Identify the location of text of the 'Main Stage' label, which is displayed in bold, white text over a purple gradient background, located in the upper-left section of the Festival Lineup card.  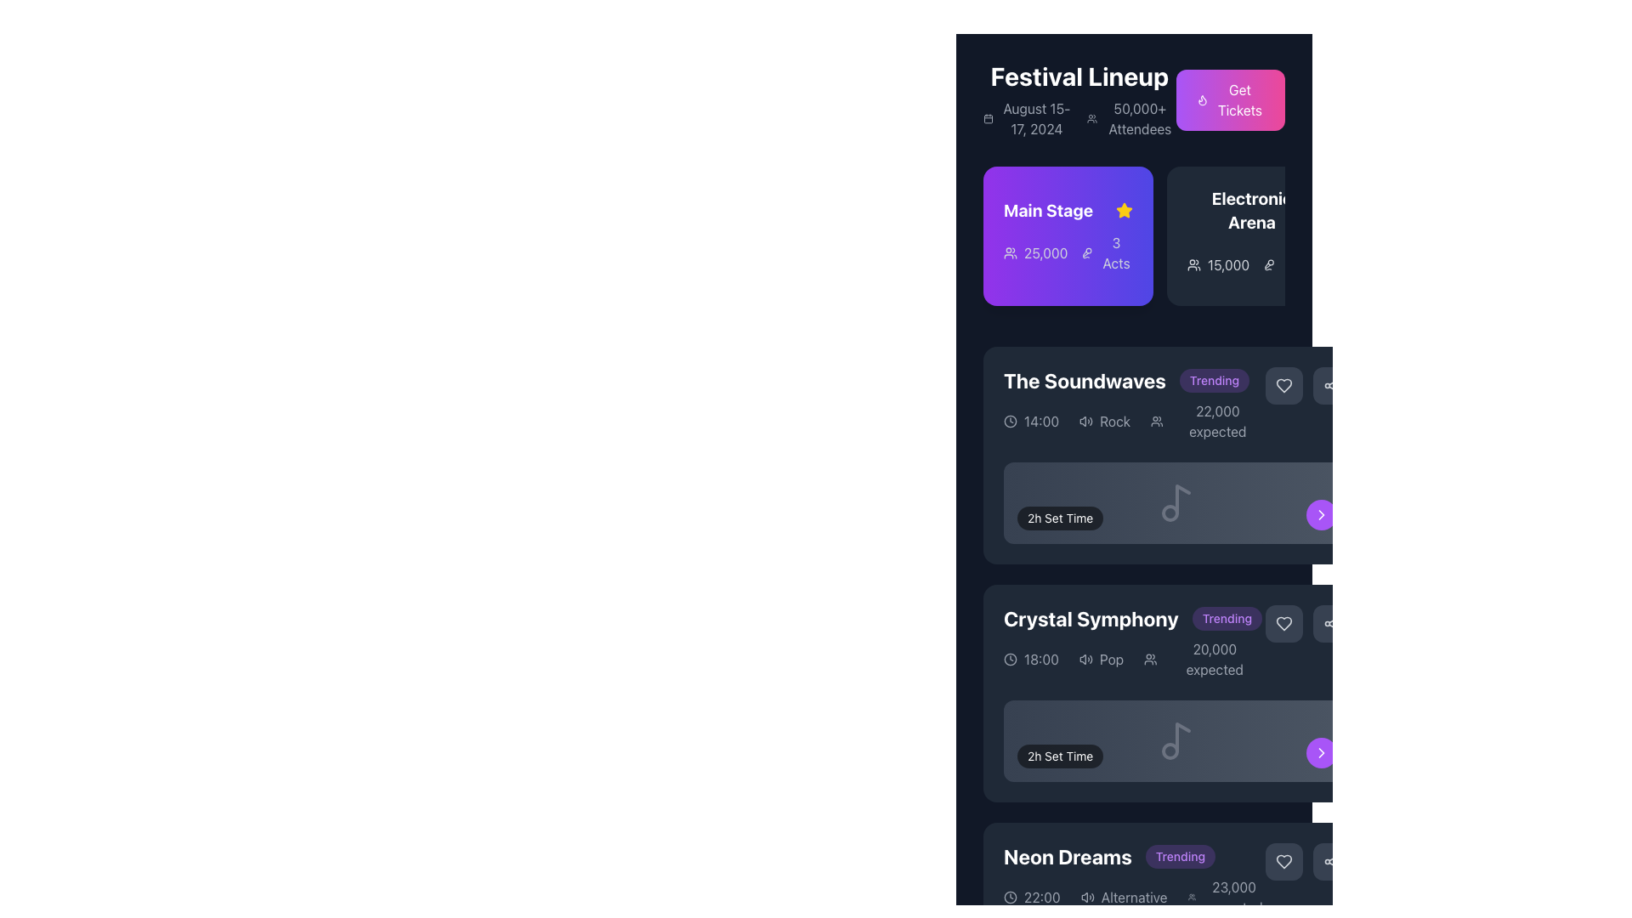
(1068, 209).